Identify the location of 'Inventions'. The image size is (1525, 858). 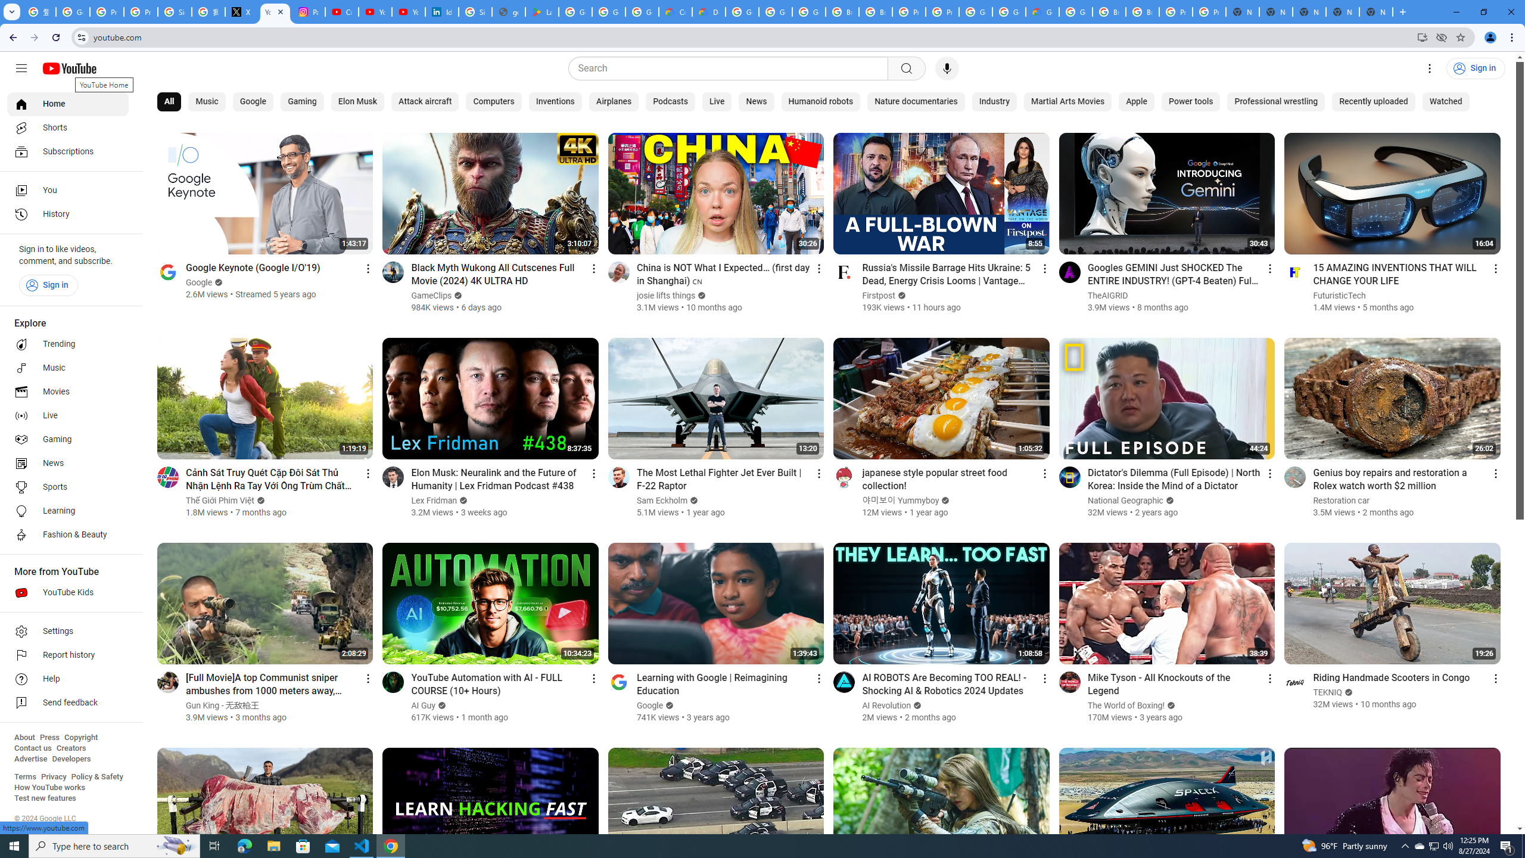
(554, 102).